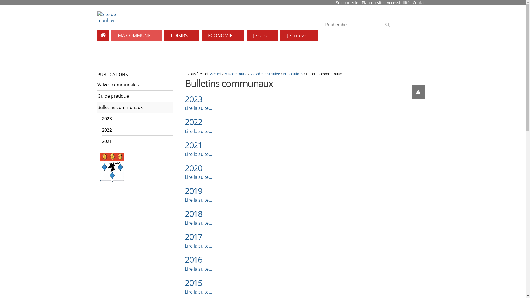 Image resolution: width=530 pixels, height=298 pixels. I want to click on 'Se connecter', so click(348, 2).